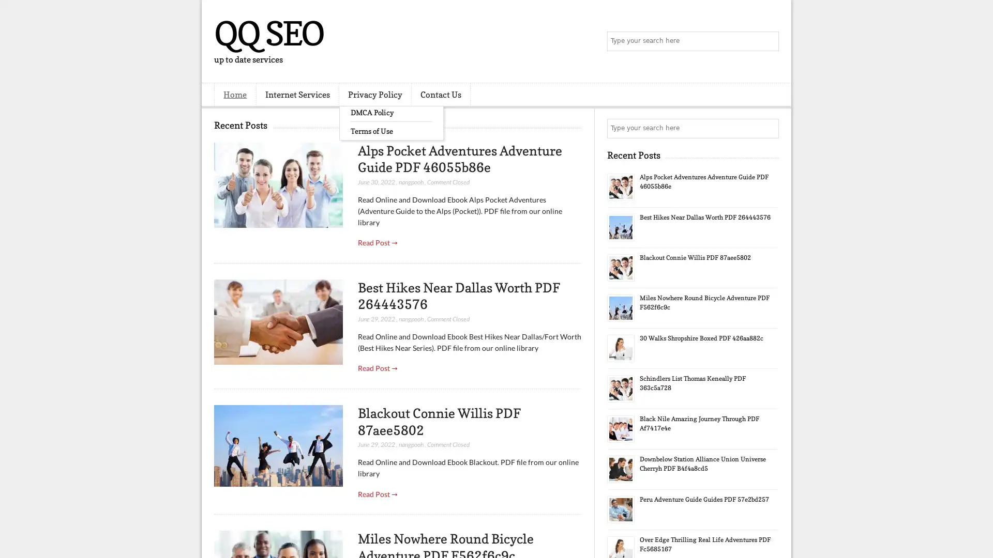 The image size is (993, 558). Describe the element at coordinates (768, 41) in the screenshot. I see `Search` at that location.